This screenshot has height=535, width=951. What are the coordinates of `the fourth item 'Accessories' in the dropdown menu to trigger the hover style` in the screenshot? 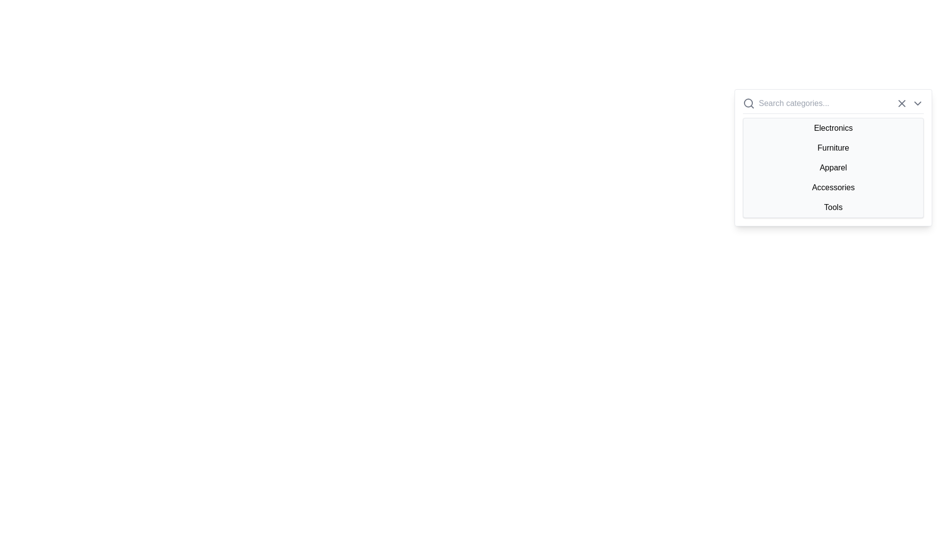 It's located at (833, 187).